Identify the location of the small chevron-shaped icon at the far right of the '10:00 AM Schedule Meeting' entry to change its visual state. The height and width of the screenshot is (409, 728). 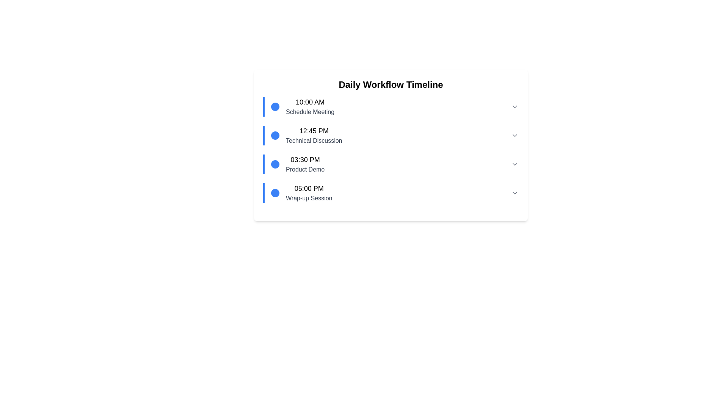
(515, 106).